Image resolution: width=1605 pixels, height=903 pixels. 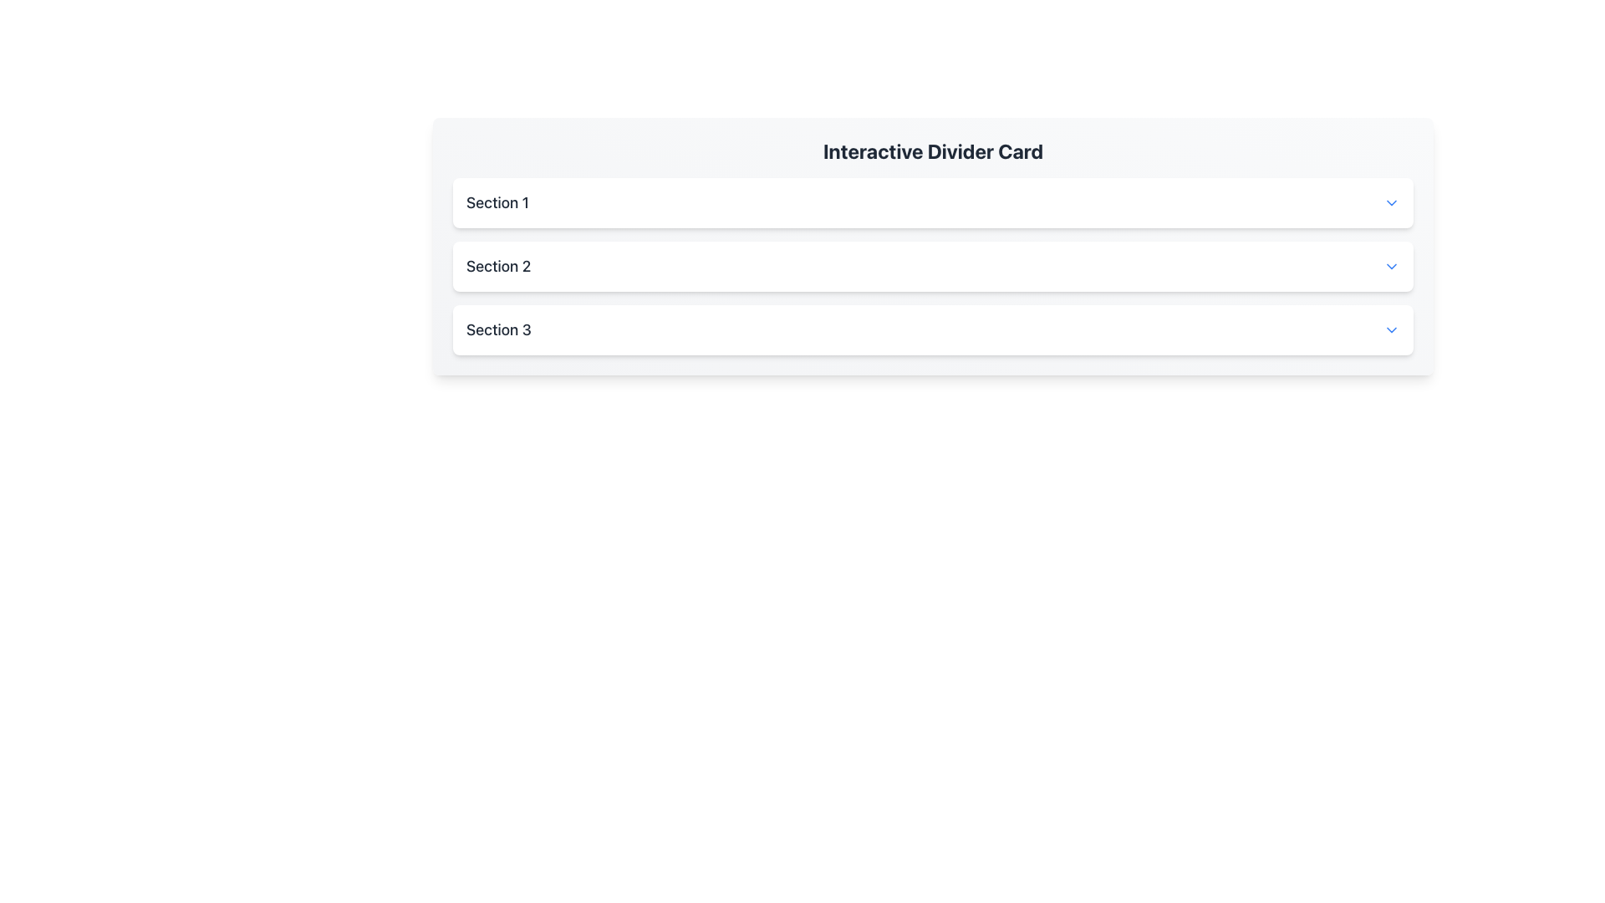 I want to click on the blue downward chevron arrow SVG icon located beside the 'Section 2' header, so click(x=1392, y=266).